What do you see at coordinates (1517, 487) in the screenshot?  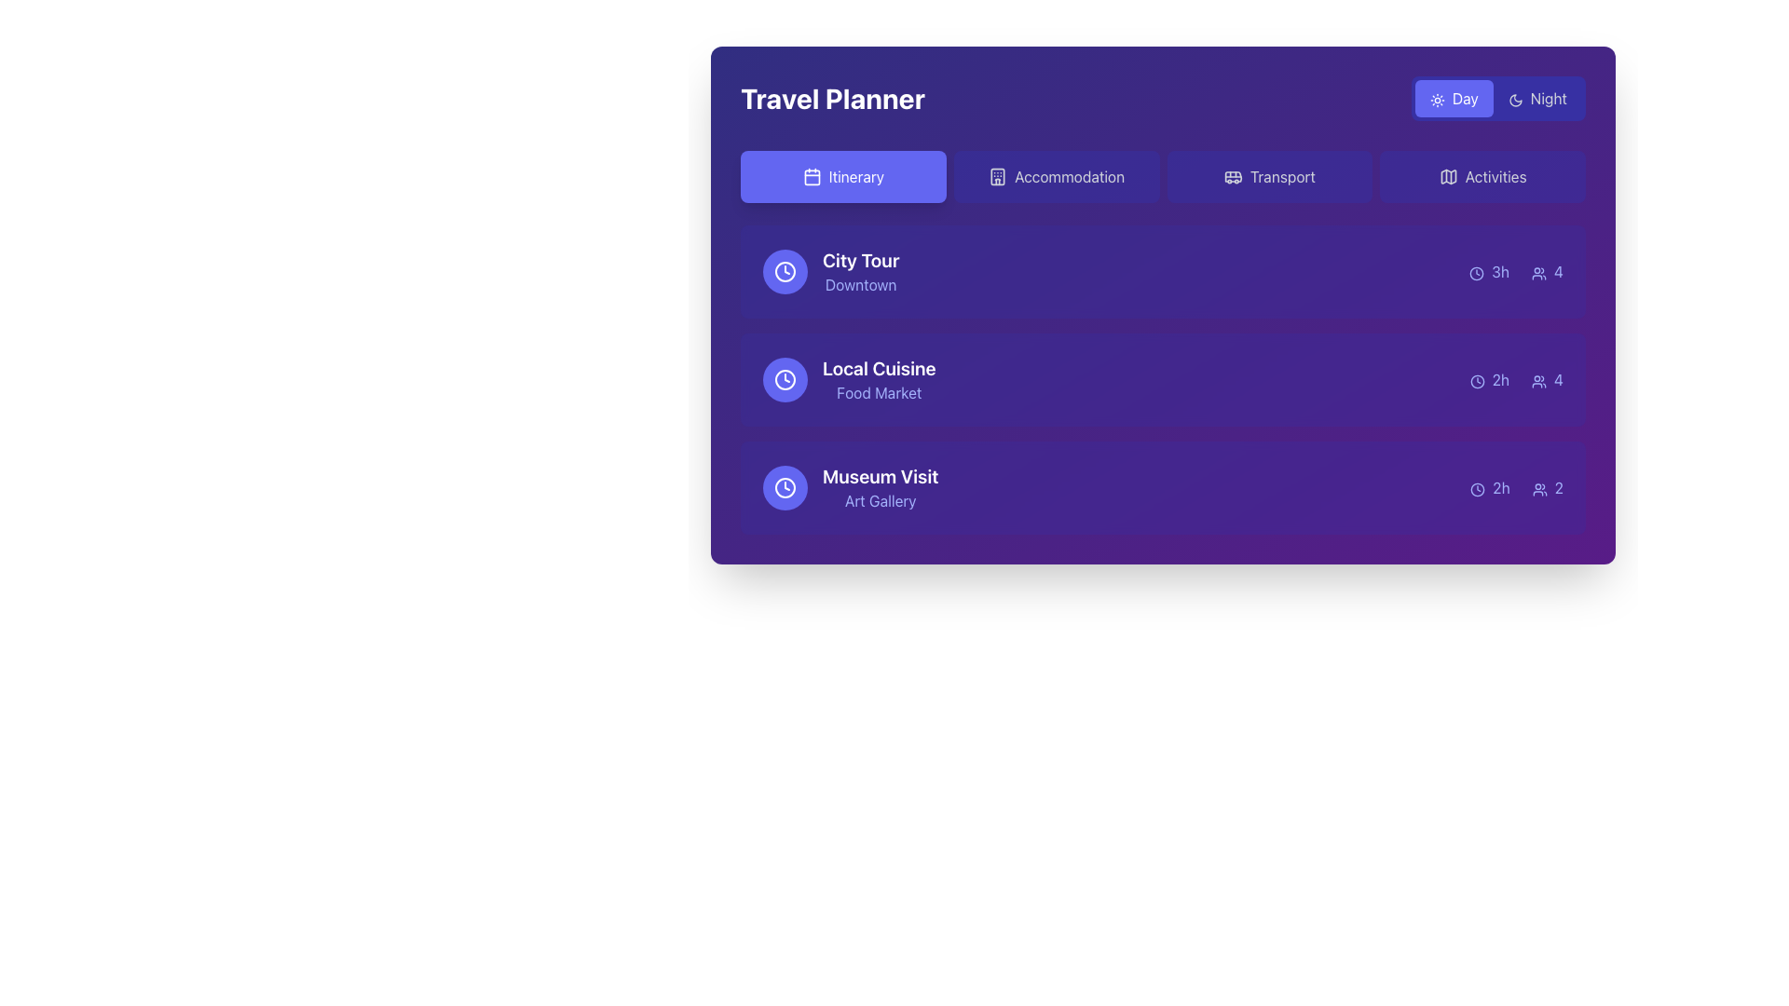 I see `the Text and icon group element displaying a clock icon and user icon with text '2h' and '2', located in the bottom right corner of the 'Museum Visit' section under 'Travel Planner'` at bounding box center [1517, 487].